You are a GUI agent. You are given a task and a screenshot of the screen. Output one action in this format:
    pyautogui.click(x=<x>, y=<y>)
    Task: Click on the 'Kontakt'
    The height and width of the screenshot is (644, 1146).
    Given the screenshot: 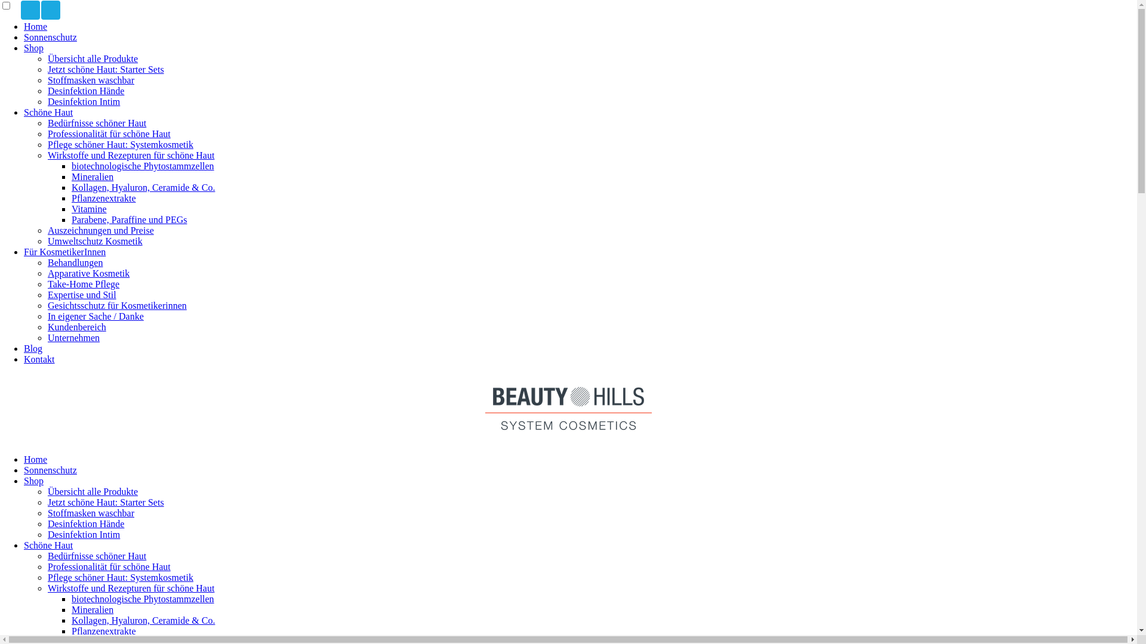 What is the action you would take?
    pyautogui.click(x=39, y=358)
    